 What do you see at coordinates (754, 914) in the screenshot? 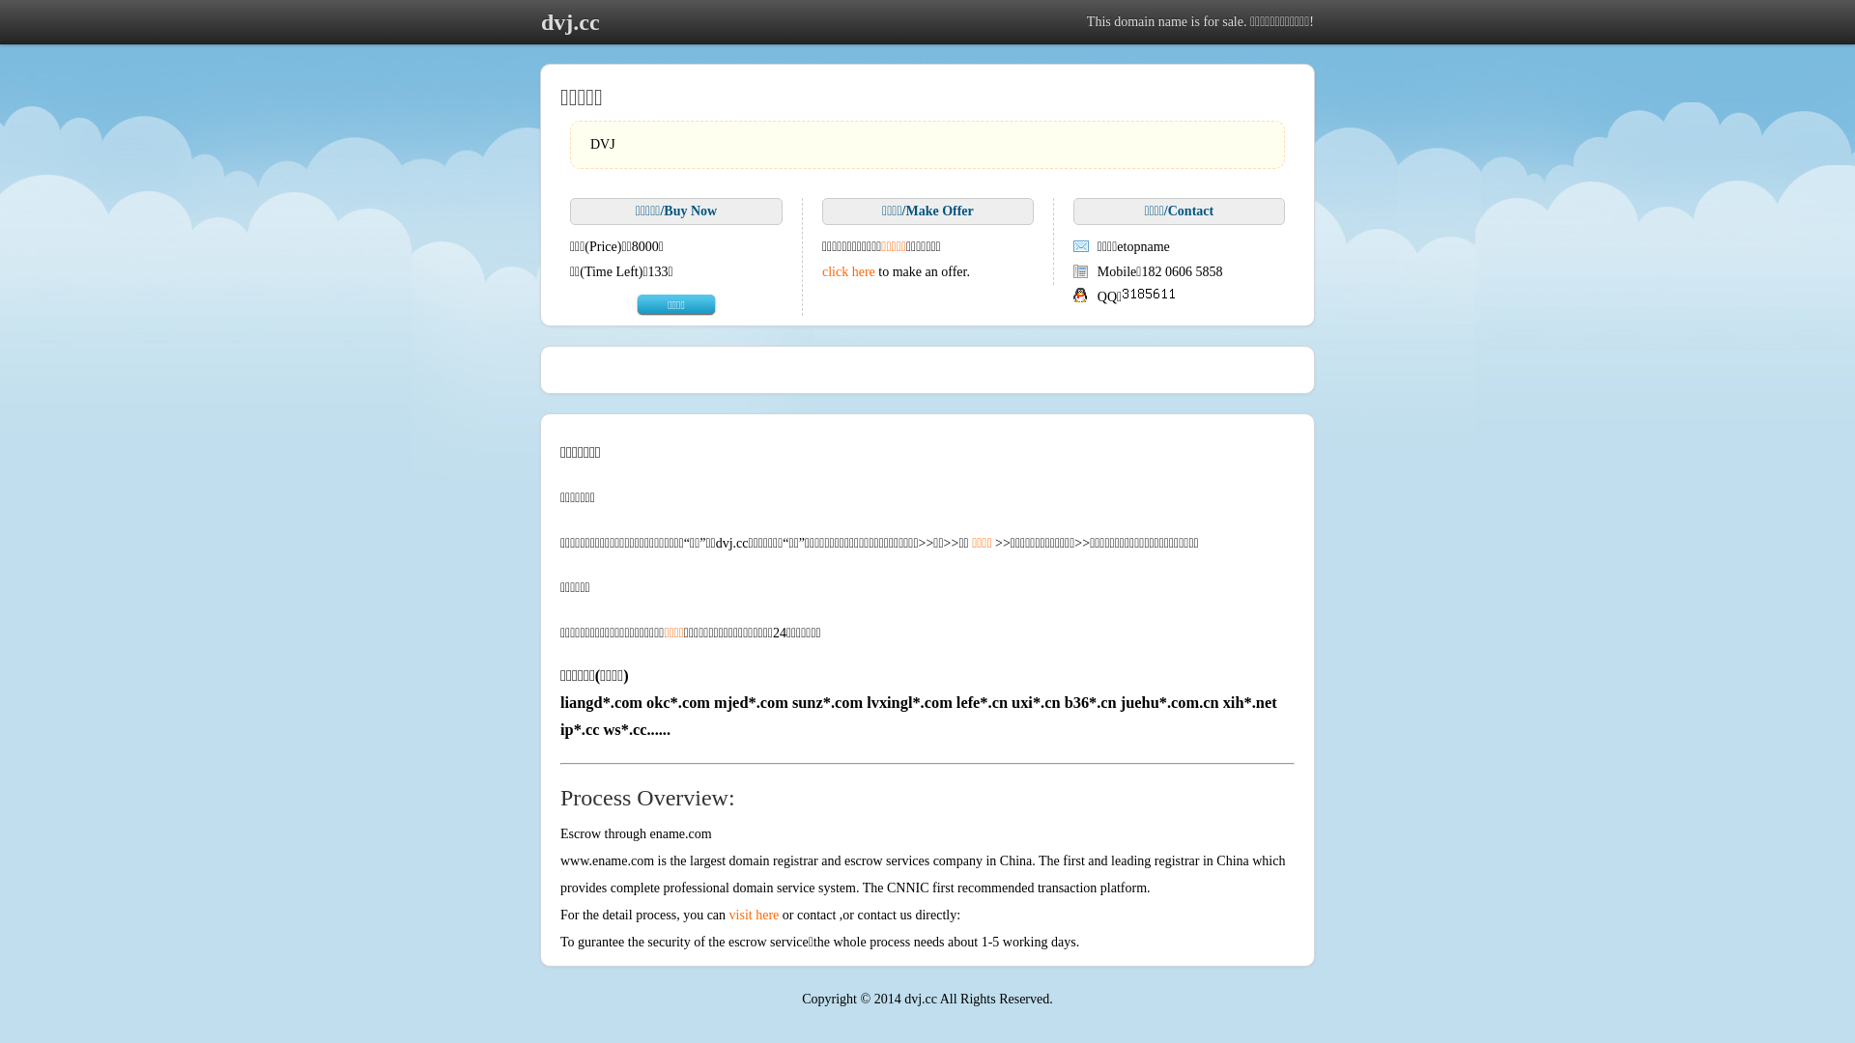
I see `'visit here'` at bounding box center [754, 914].